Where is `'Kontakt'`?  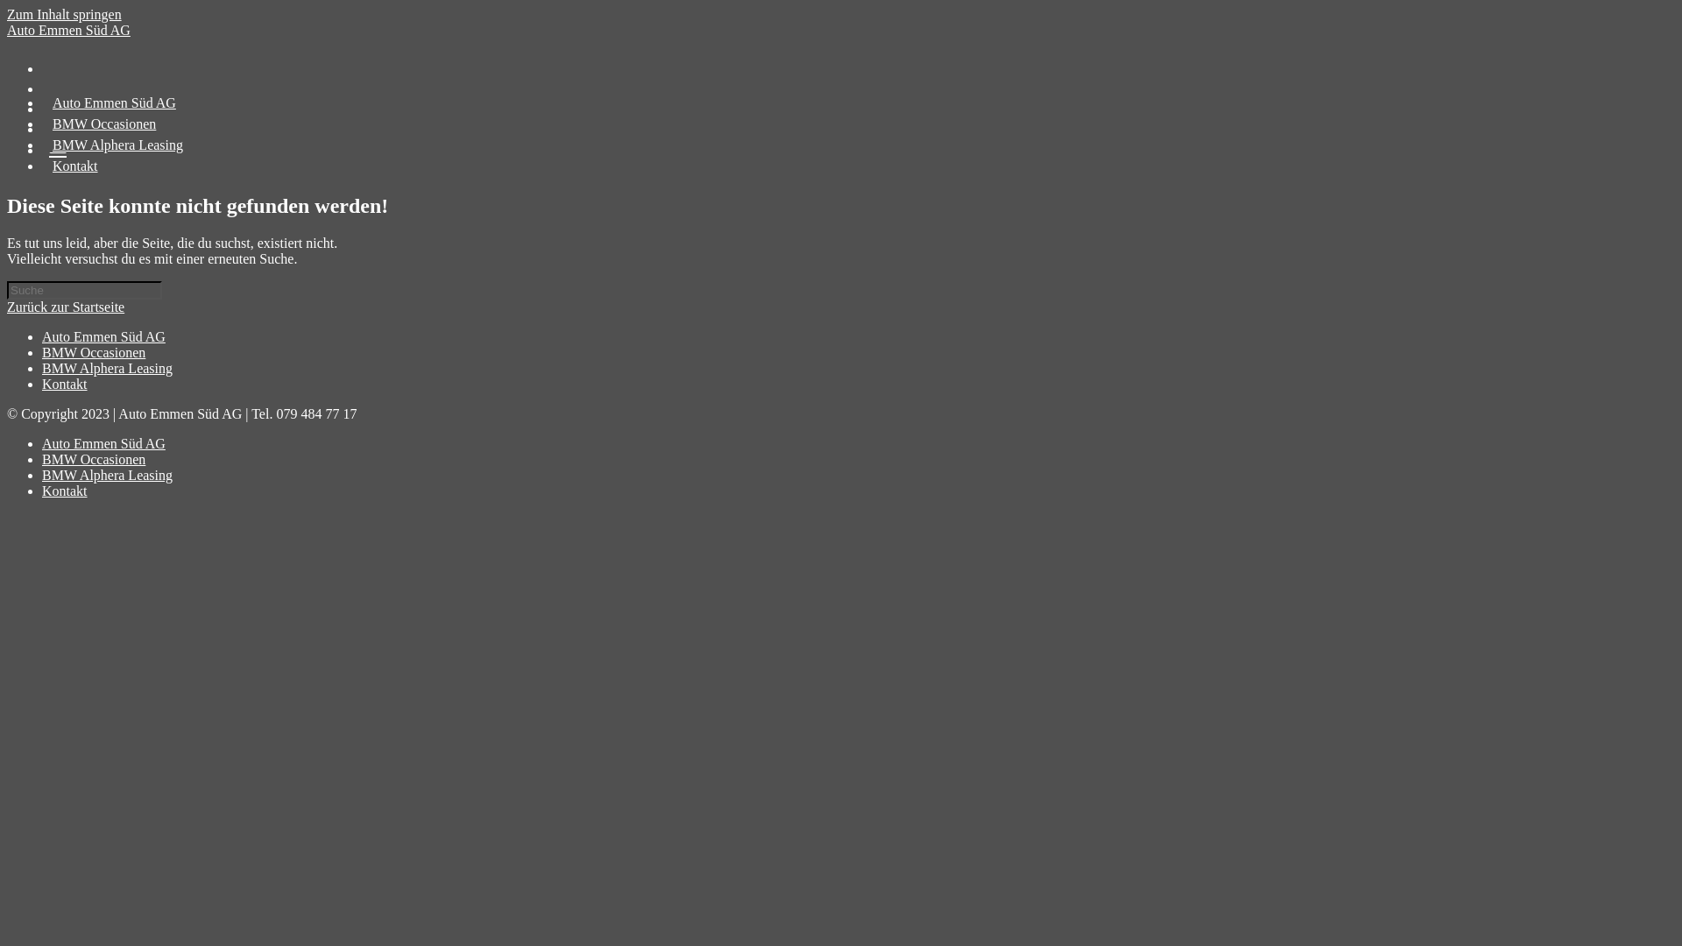
'Kontakt' is located at coordinates (74, 166).